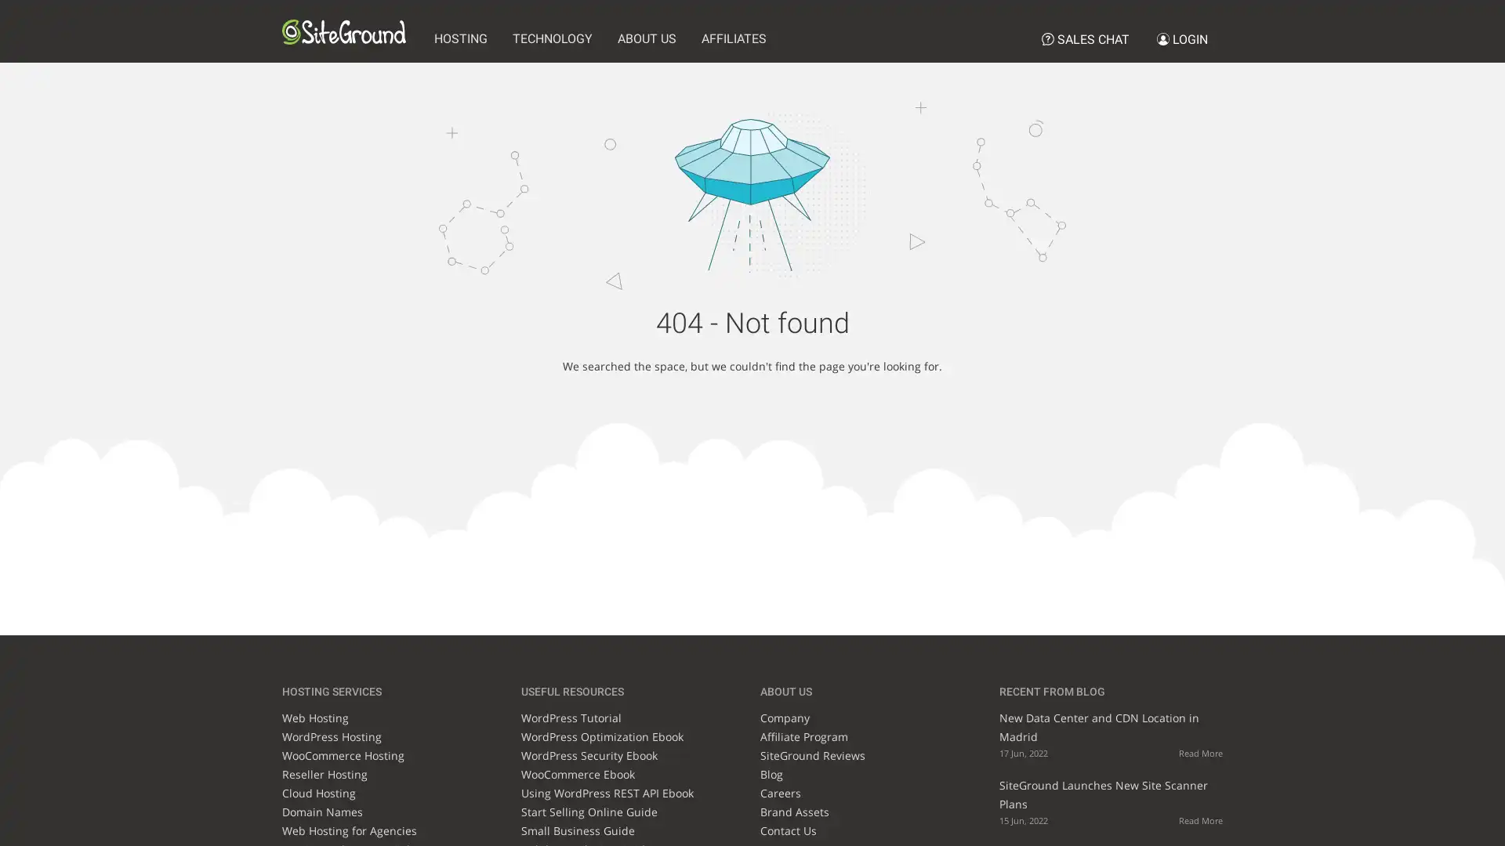 Image resolution: width=1505 pixels, height=846 pixels. Describe the element at coordinates (1418, 799) in the screenshot. I see `Accept All Cookies` at that location.